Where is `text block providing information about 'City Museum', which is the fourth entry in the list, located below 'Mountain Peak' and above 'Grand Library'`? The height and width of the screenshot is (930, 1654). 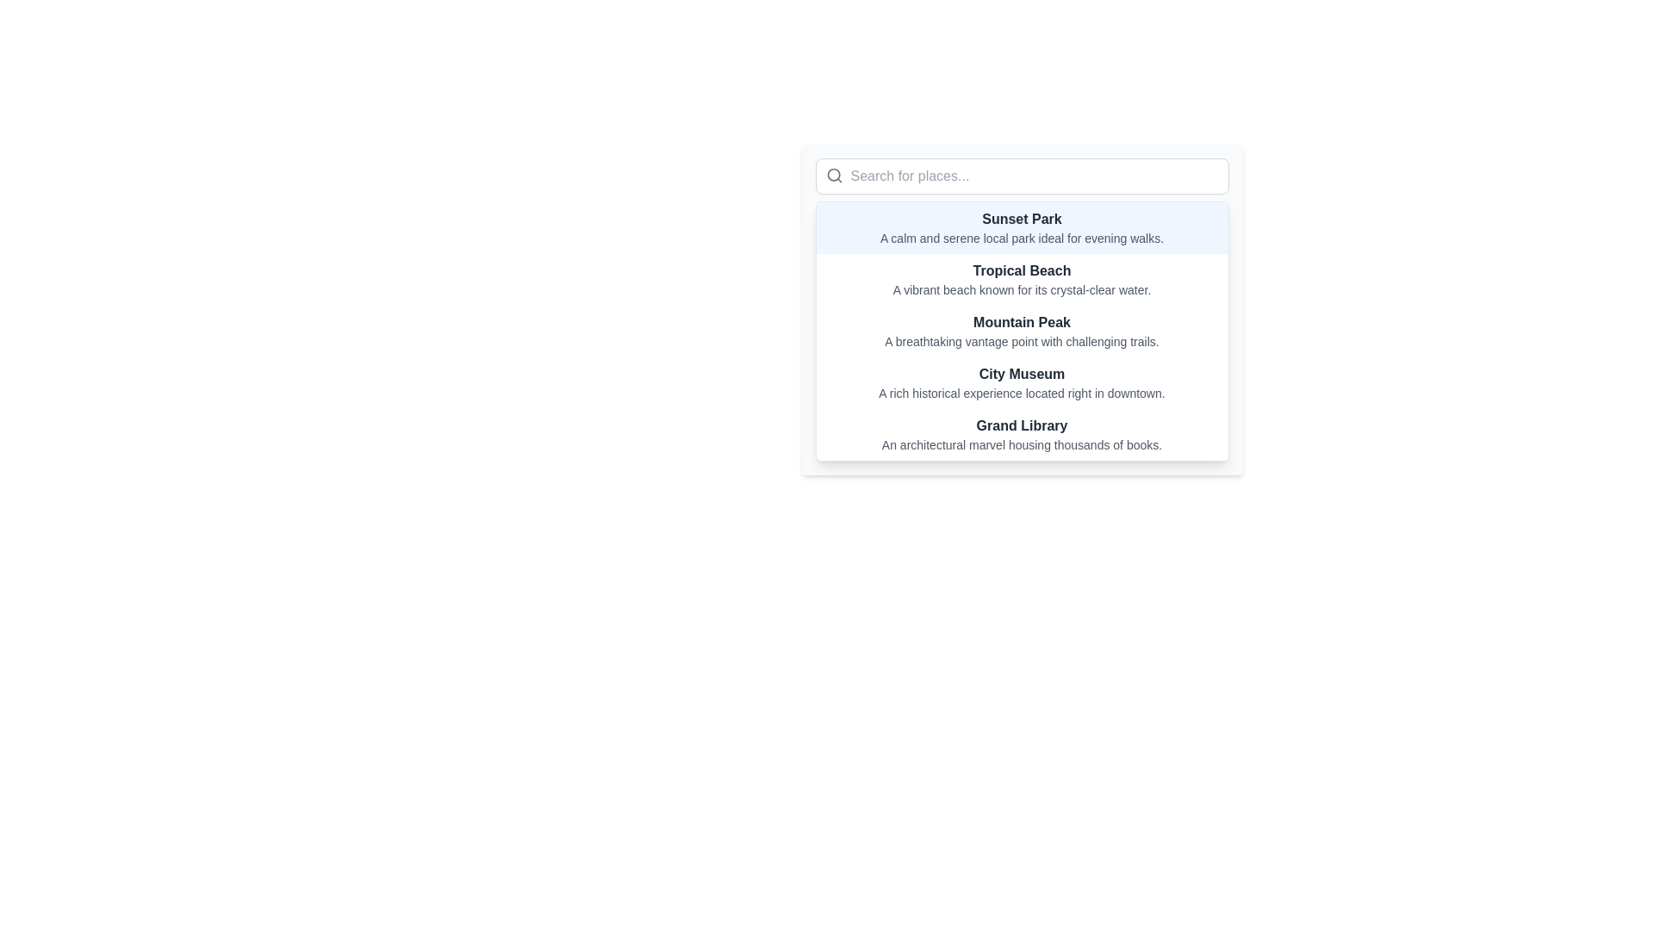
text block providing information about 'City Museum', which is the fourth entry in the list, located below 'Mountain Peak' and above 'Grand Library' is located at coordinates (1022, 381).